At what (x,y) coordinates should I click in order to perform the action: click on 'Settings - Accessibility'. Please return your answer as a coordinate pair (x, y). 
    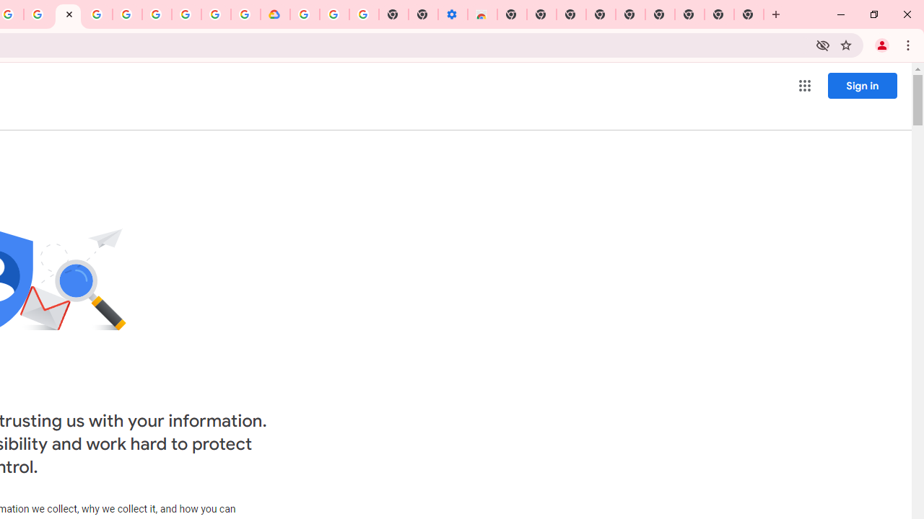
    Looking at the image, I should click on (452, 14).